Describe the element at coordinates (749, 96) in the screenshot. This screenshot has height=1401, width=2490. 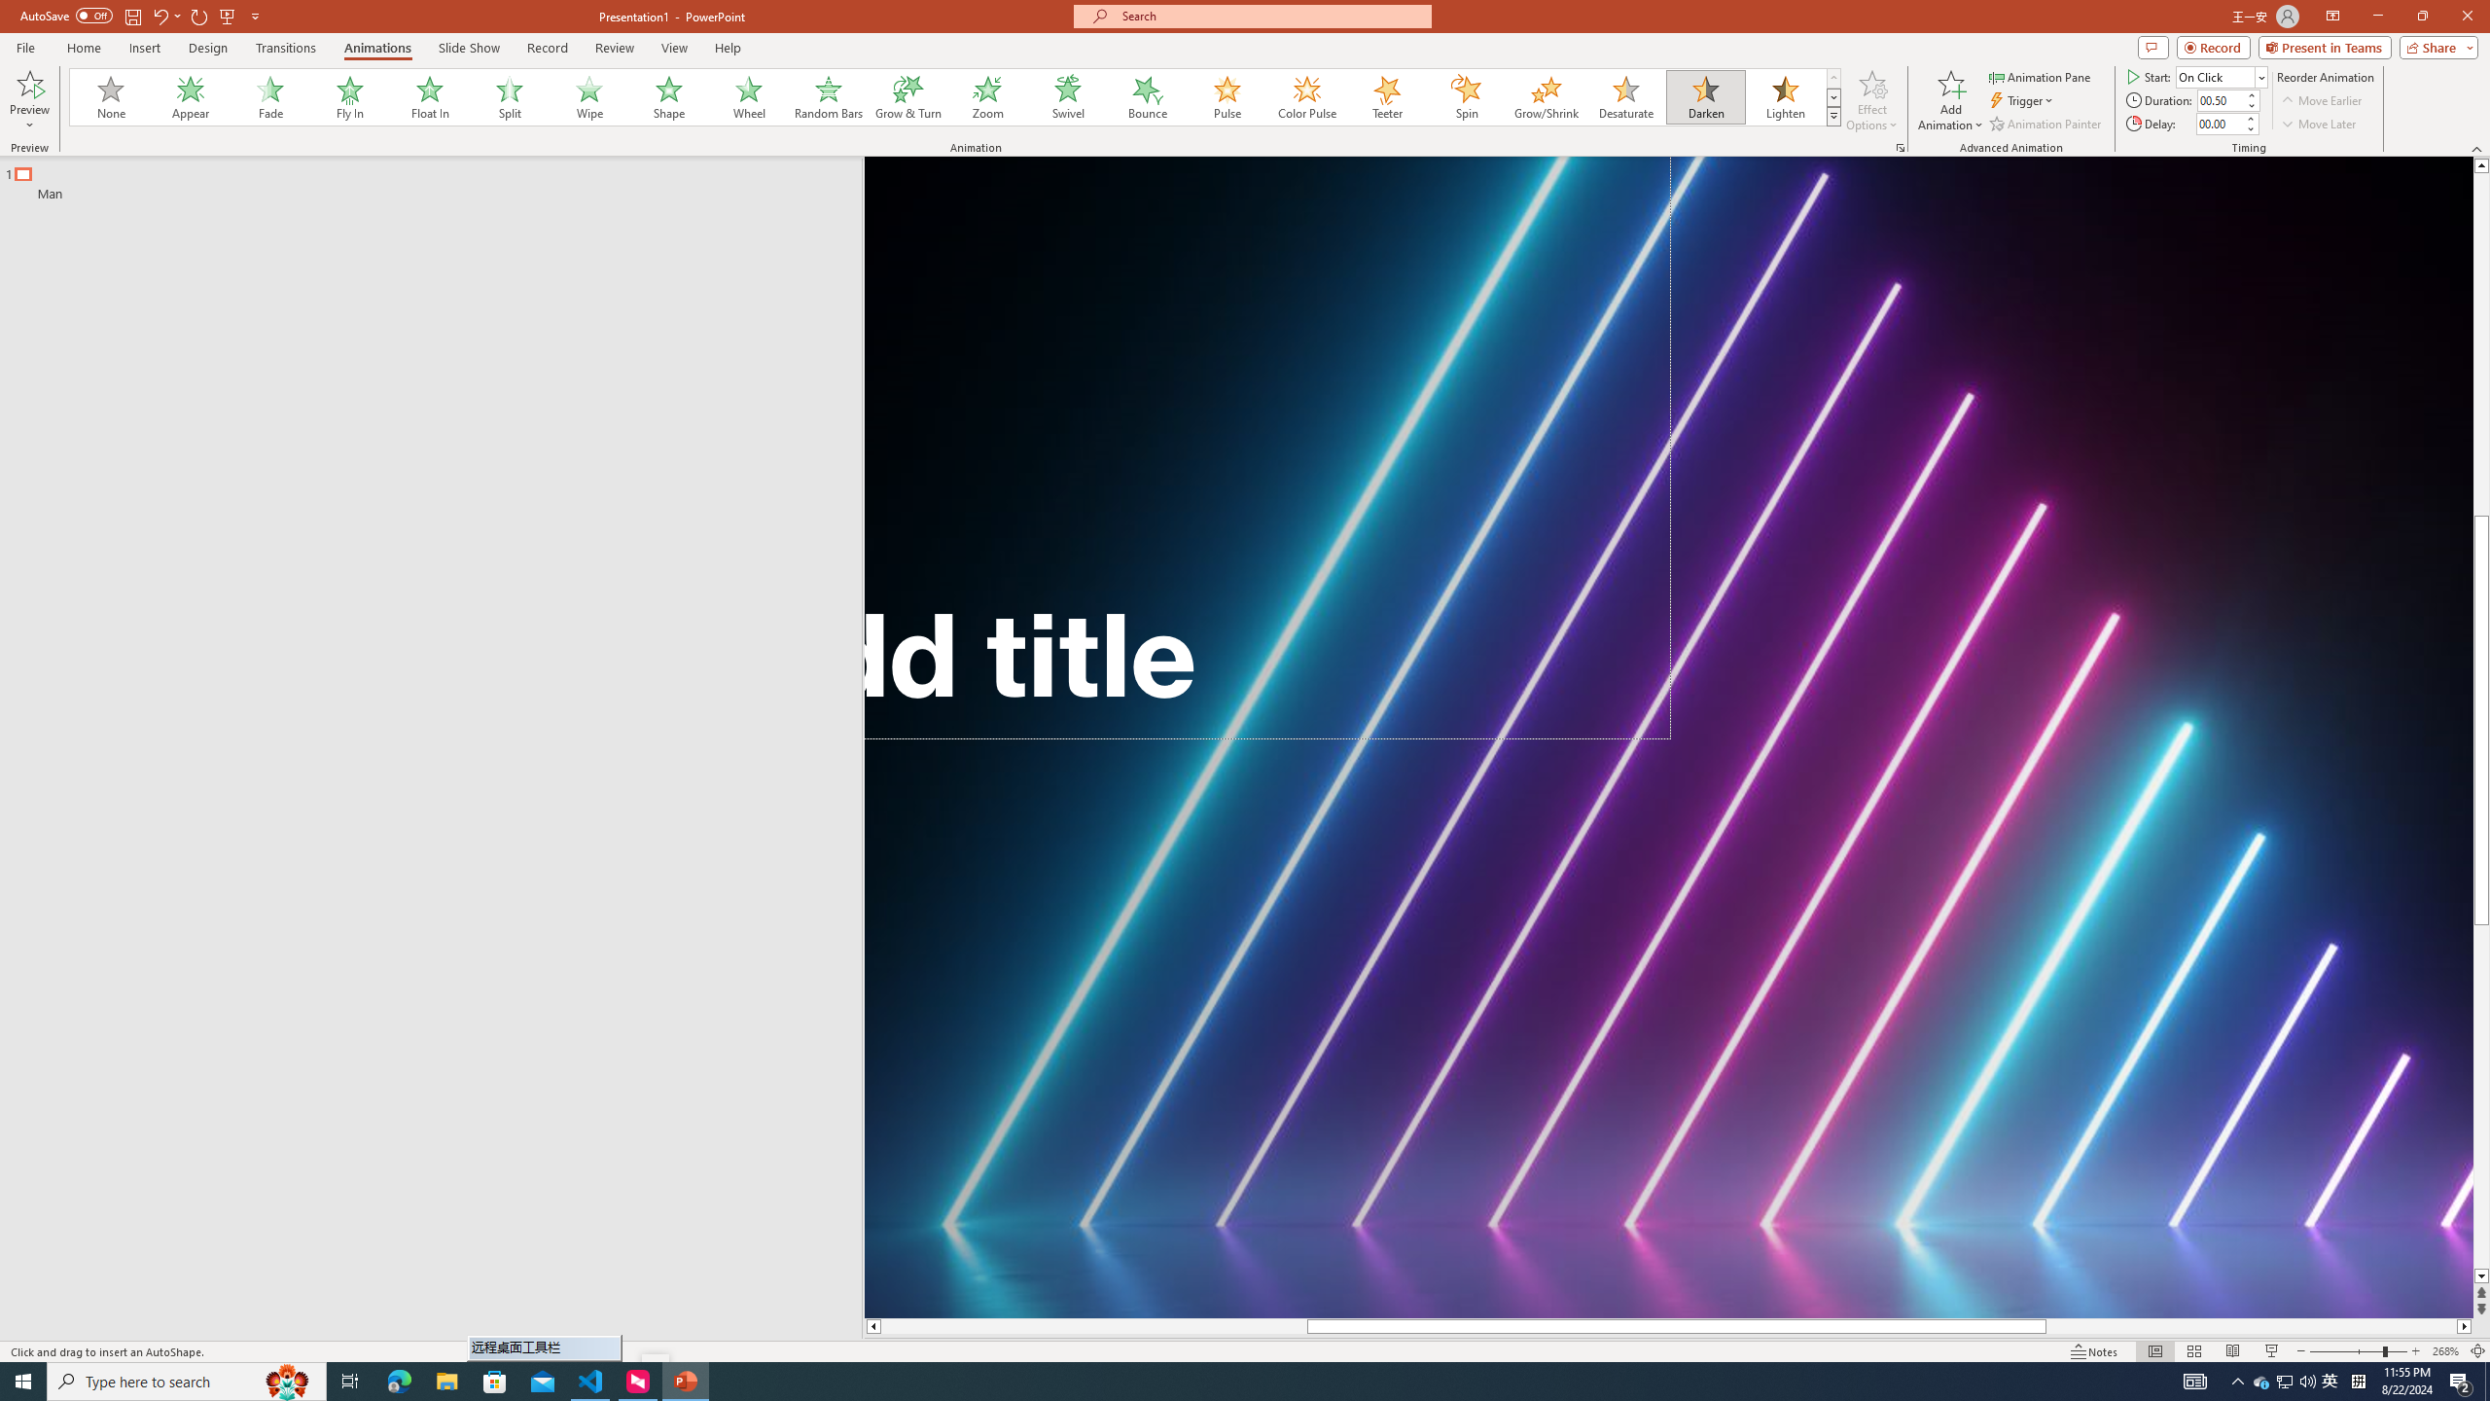
I see `'Wheel'` at that location.